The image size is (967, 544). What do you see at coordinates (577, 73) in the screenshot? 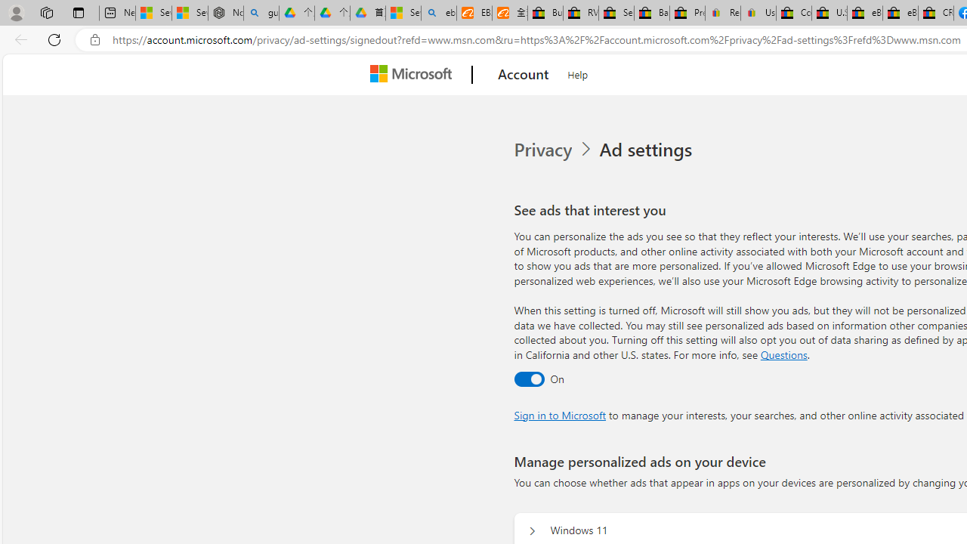
I see `'Help'` at bounding box center [577, 73].